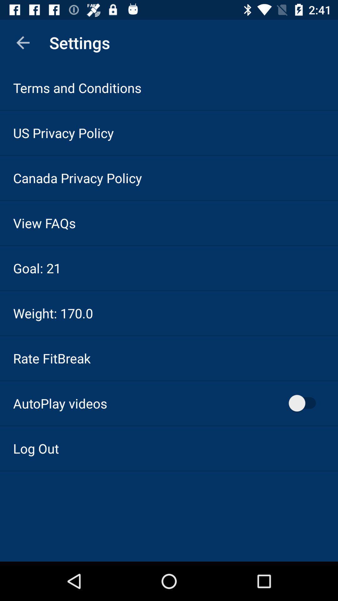  I want to click on rate fitbreak icon, so click(51, 358).